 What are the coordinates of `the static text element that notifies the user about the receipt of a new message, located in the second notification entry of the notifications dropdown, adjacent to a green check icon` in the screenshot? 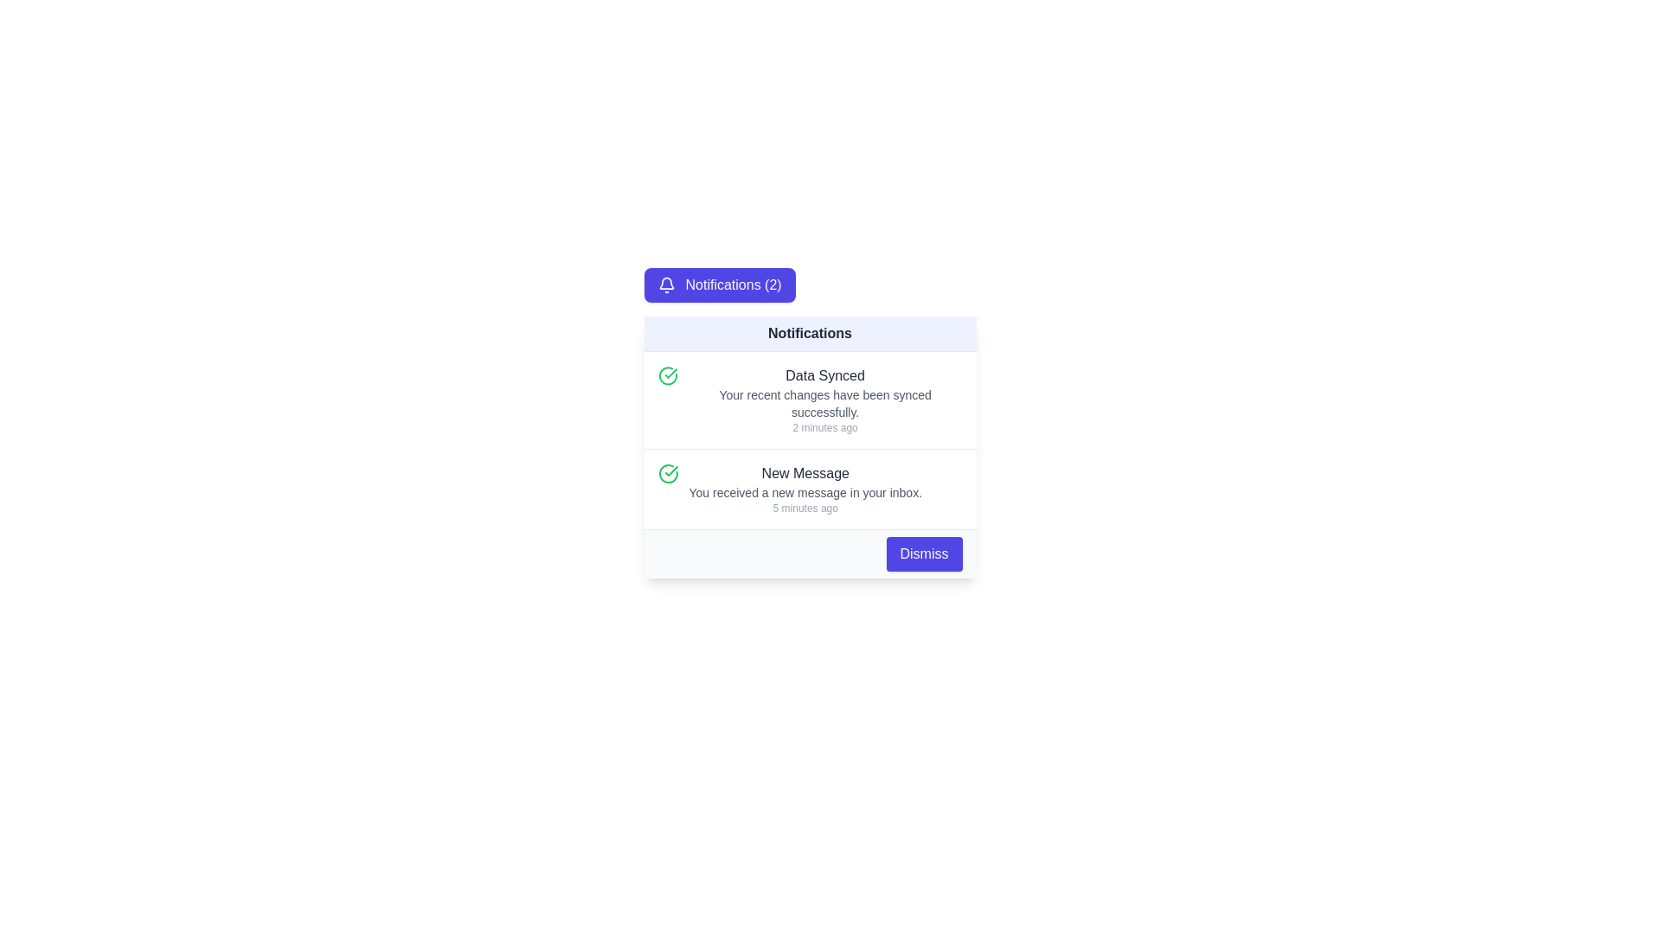 It's located at (805, 489).